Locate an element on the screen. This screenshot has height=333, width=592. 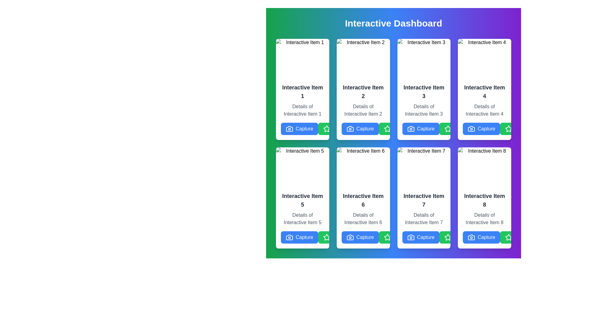
the image representing 'Interactive Item 5', located in the upper section of its card in the second row, first column of the grid layout is located at coordinates (302, 167).